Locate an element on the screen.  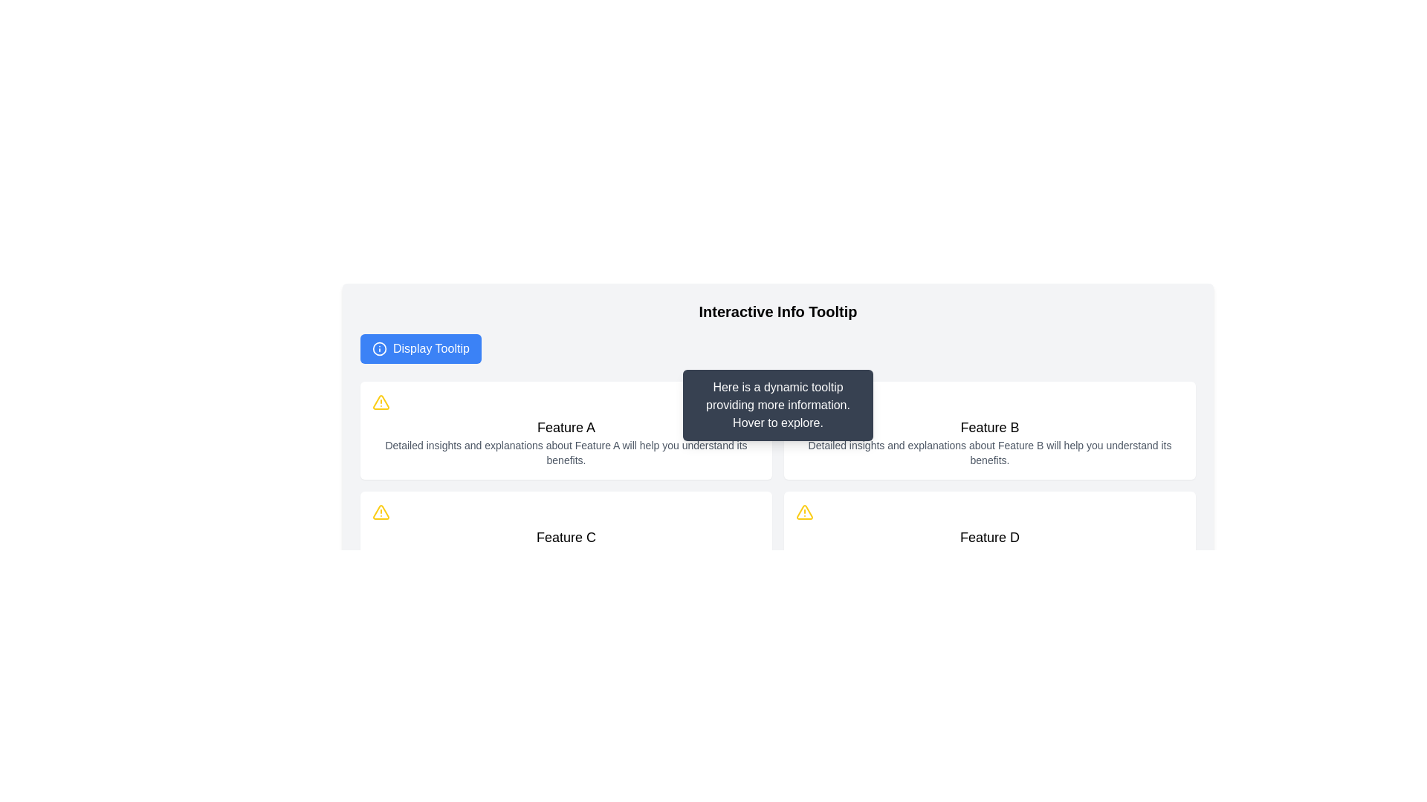
the triangular warning icon with a yellow background and alert symbol, located at the top left of the 'Feature C' UI card is located at coordinates (381, 512).